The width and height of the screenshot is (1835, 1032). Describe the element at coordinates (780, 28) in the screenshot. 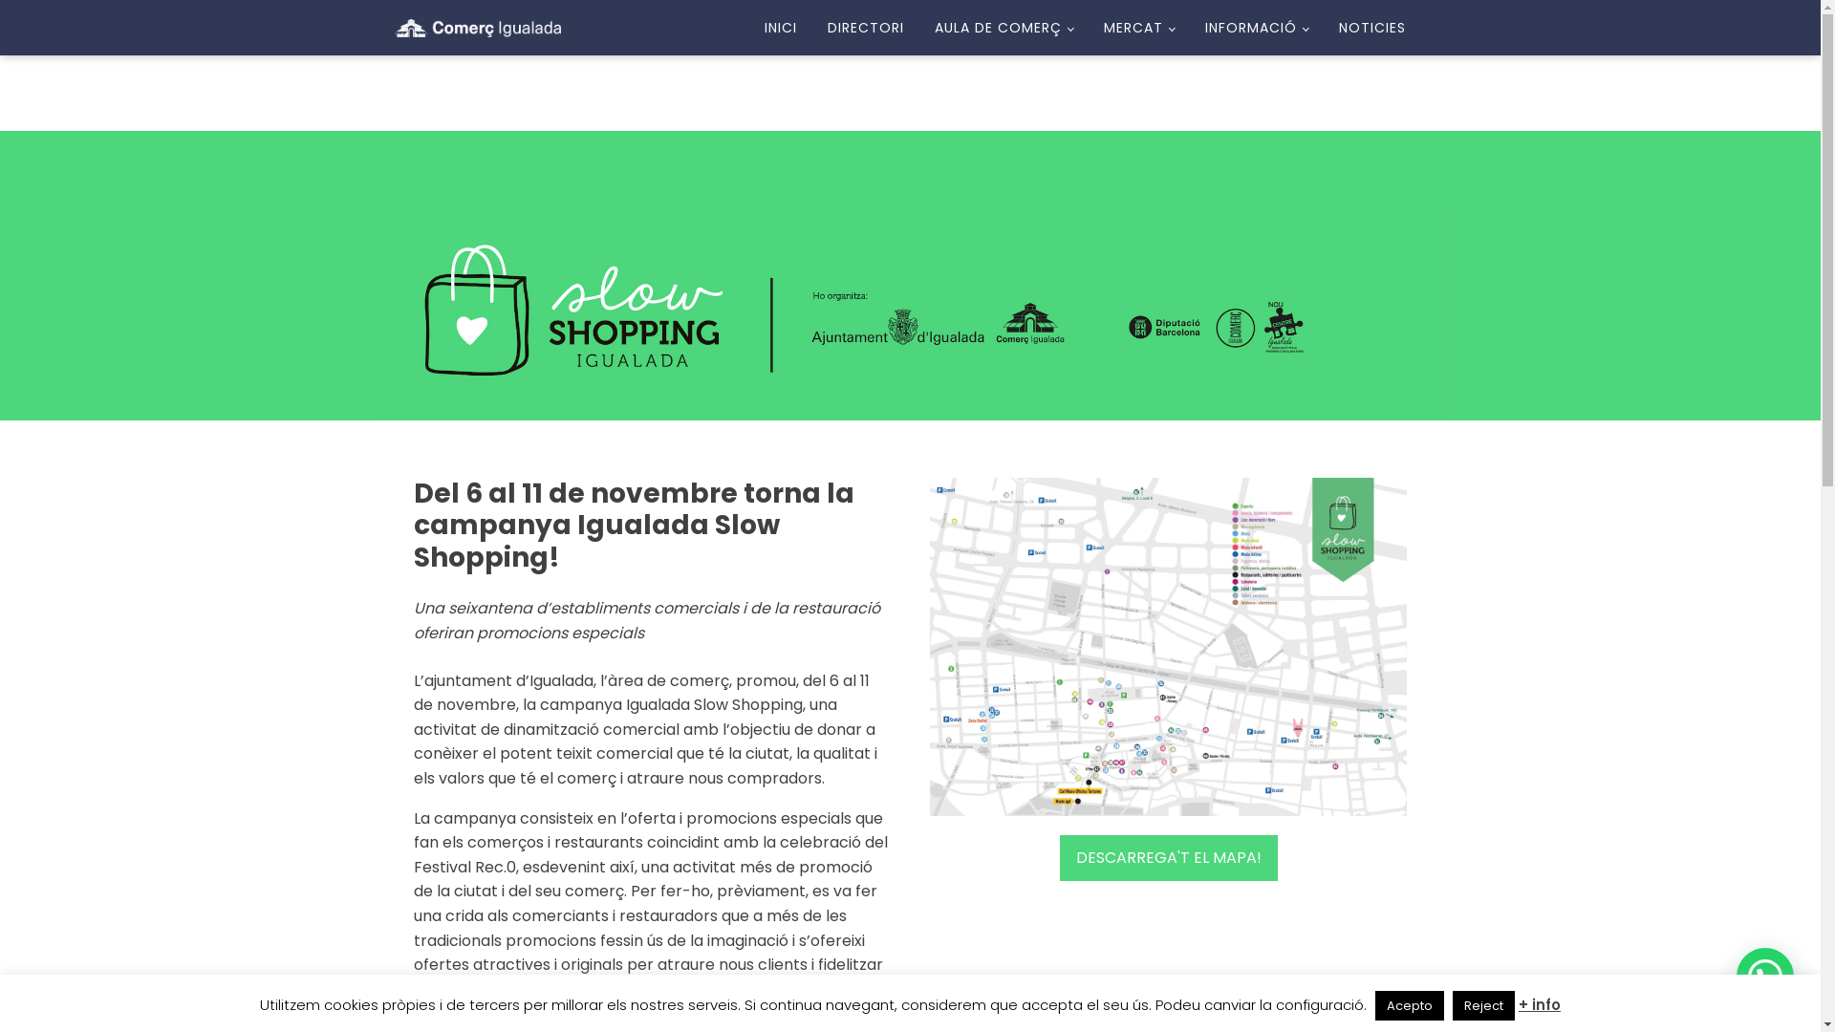

I see `'INICI'` at that location.